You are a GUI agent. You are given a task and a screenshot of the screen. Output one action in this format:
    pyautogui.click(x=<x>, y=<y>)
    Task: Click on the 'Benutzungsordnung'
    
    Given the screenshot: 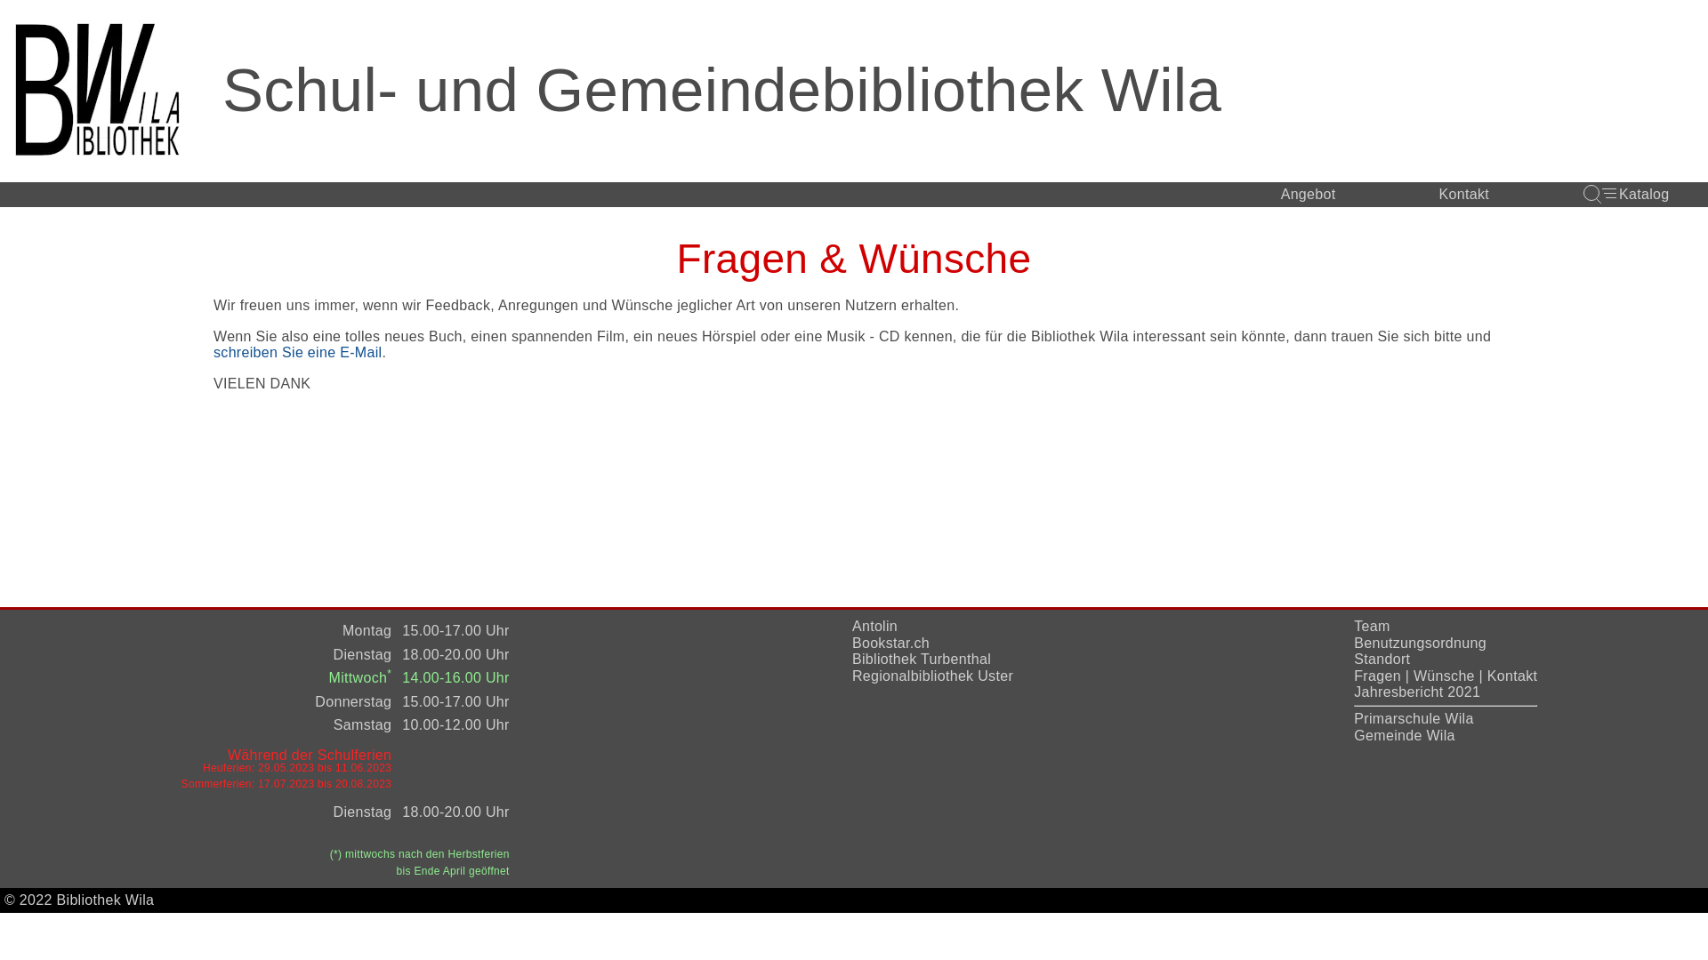 What is the action you would take?
    pyautogui.click(x=1419, y=643)
    